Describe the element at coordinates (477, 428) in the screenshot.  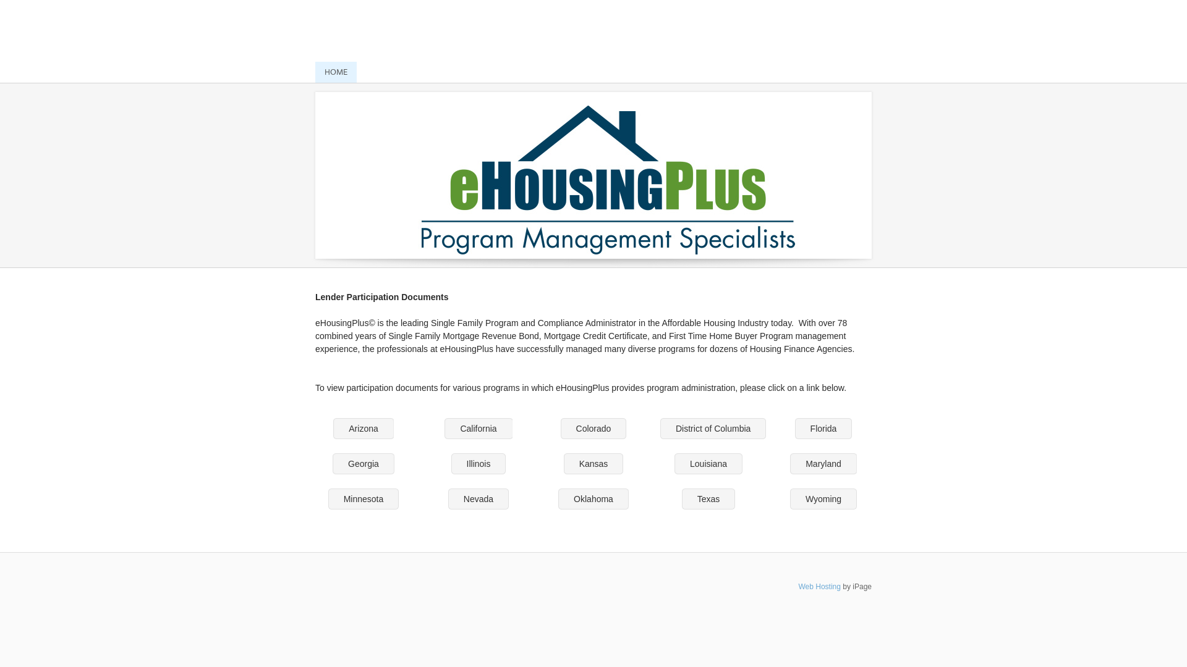
I see `'California'` at that location.